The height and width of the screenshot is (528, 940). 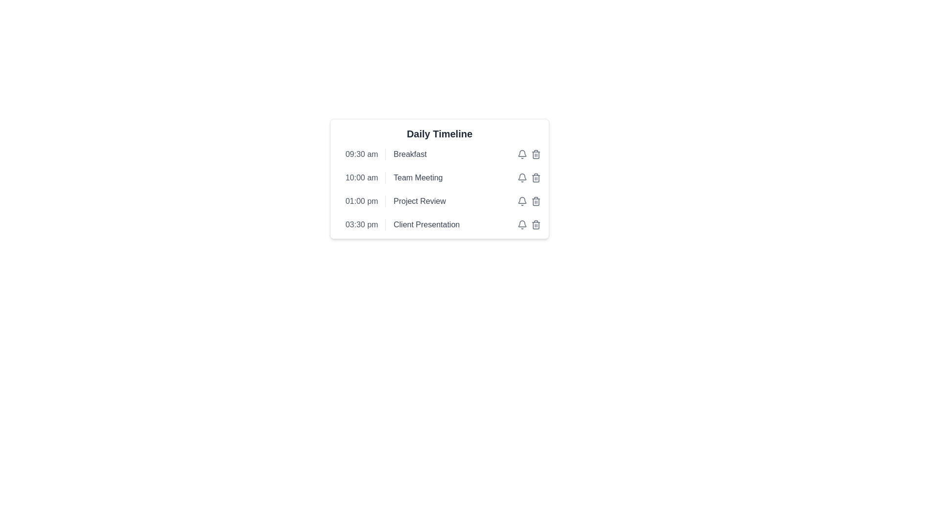 What do you see at coordinates (418, 177) in the screenshot?
I see `the text label that serves as an identifier or description for the corresponding event or item in the timeline, located to the right of the time label '10:00 am' and to the left of interactive buttons` at bounding box center [418, 177].